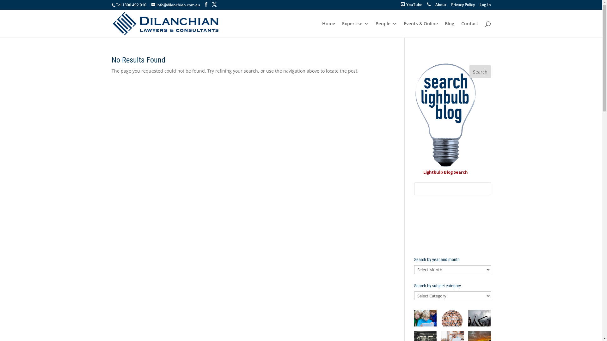 The height and width of the screenshot is (341, 607). Describe the element at coordinates (328, 29) in the screenshot. I see `'Home'` at that location.